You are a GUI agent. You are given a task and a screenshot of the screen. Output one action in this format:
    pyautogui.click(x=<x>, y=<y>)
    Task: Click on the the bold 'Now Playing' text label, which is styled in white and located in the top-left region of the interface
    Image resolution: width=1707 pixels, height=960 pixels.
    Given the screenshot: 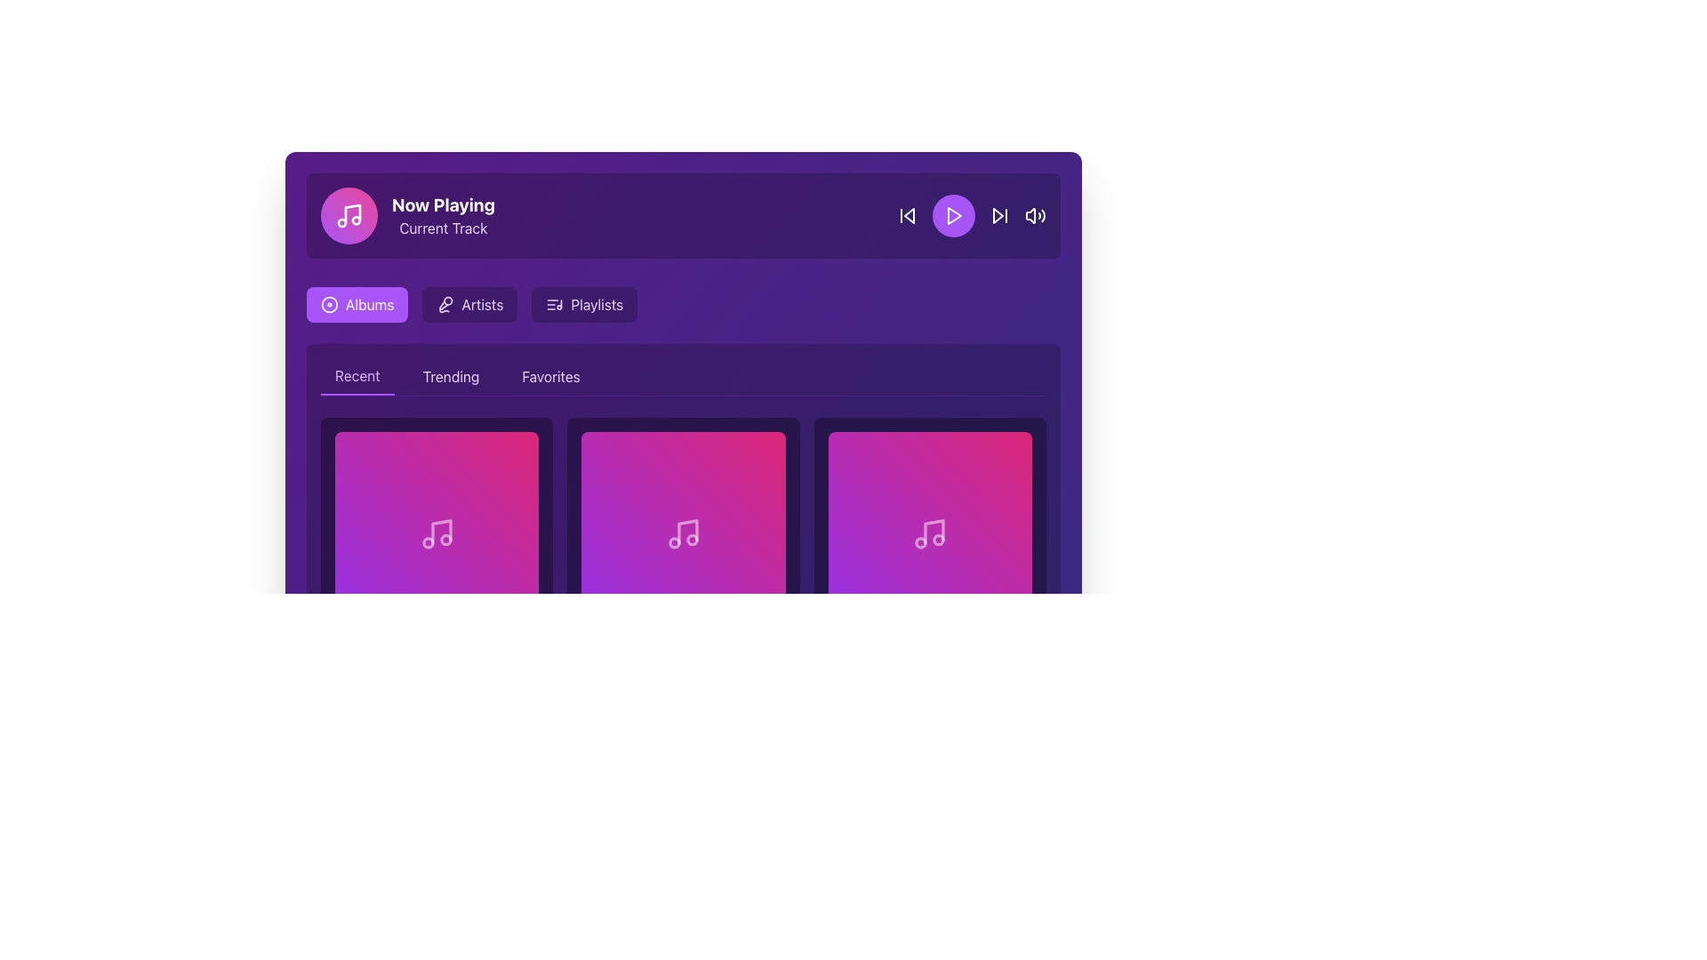 What is the action you would take?
    pyautogui.click(x=444, y=204)
    